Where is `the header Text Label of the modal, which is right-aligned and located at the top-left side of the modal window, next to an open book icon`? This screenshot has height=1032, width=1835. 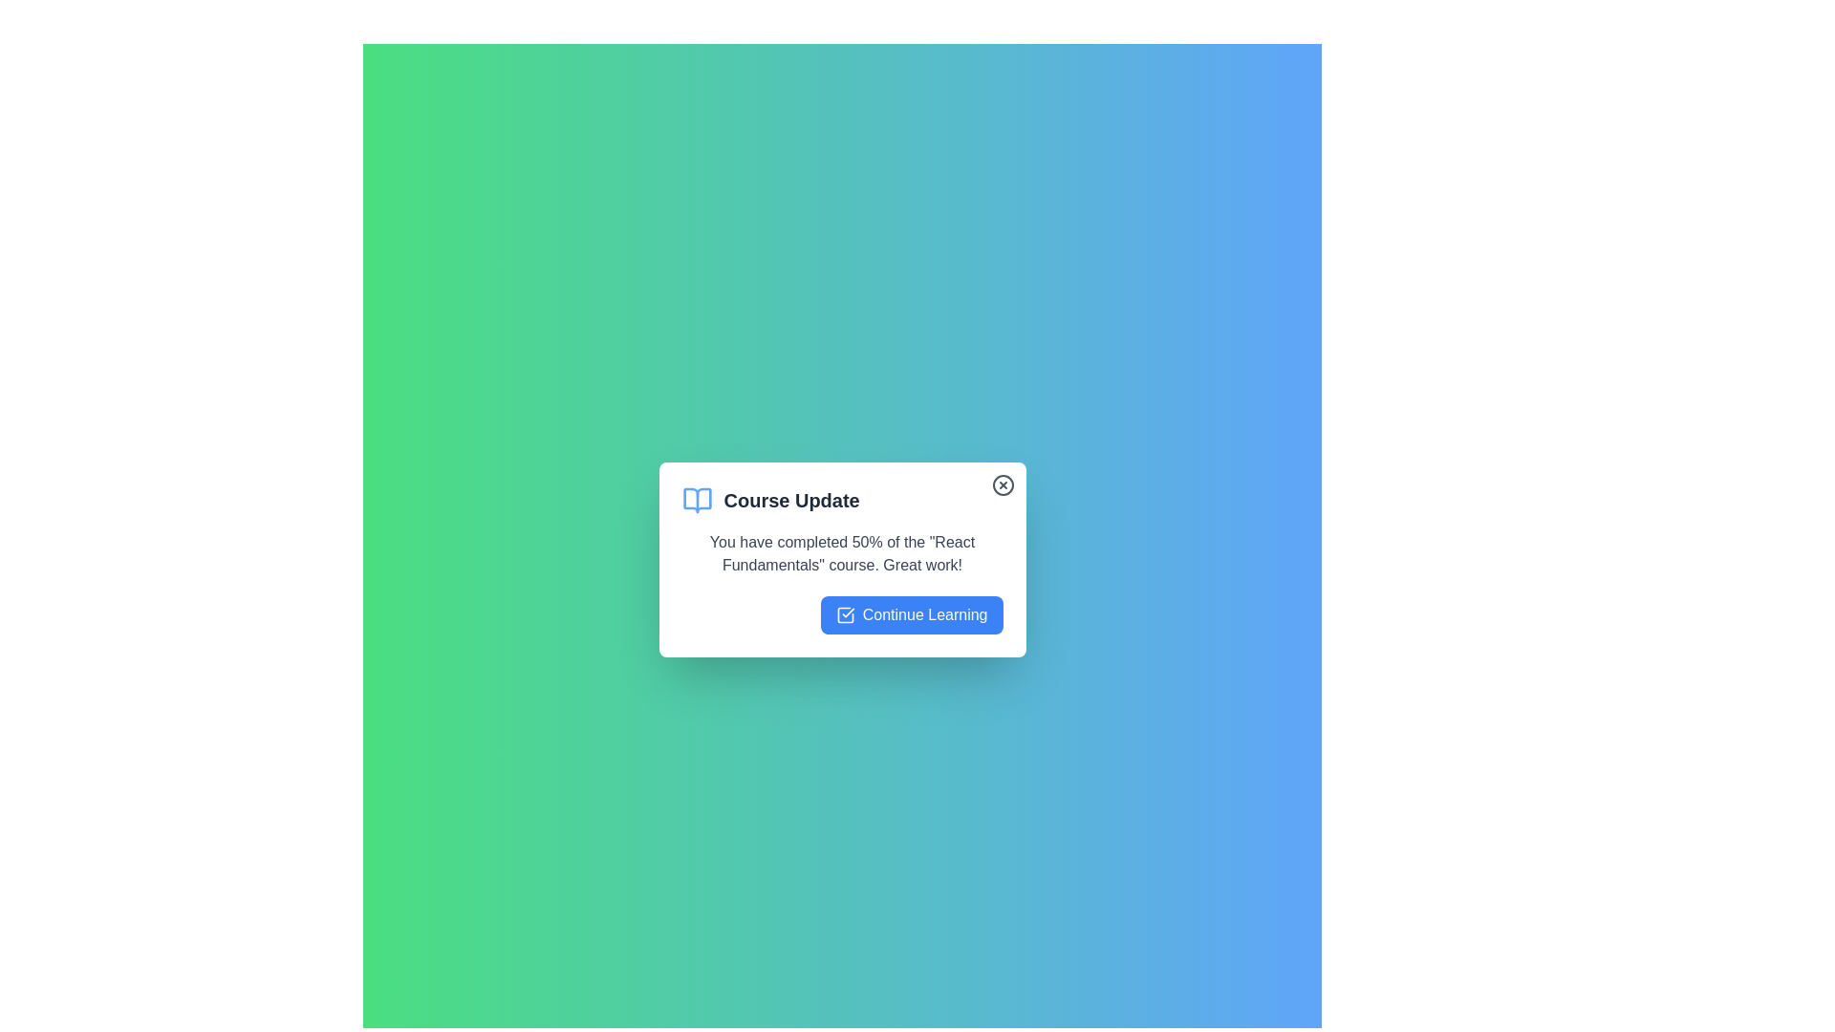
the header Text Label of the modal, which is right-aligned and located at the top-left side of the modal window, next to an open book icon is located at coordinates (791, 500).